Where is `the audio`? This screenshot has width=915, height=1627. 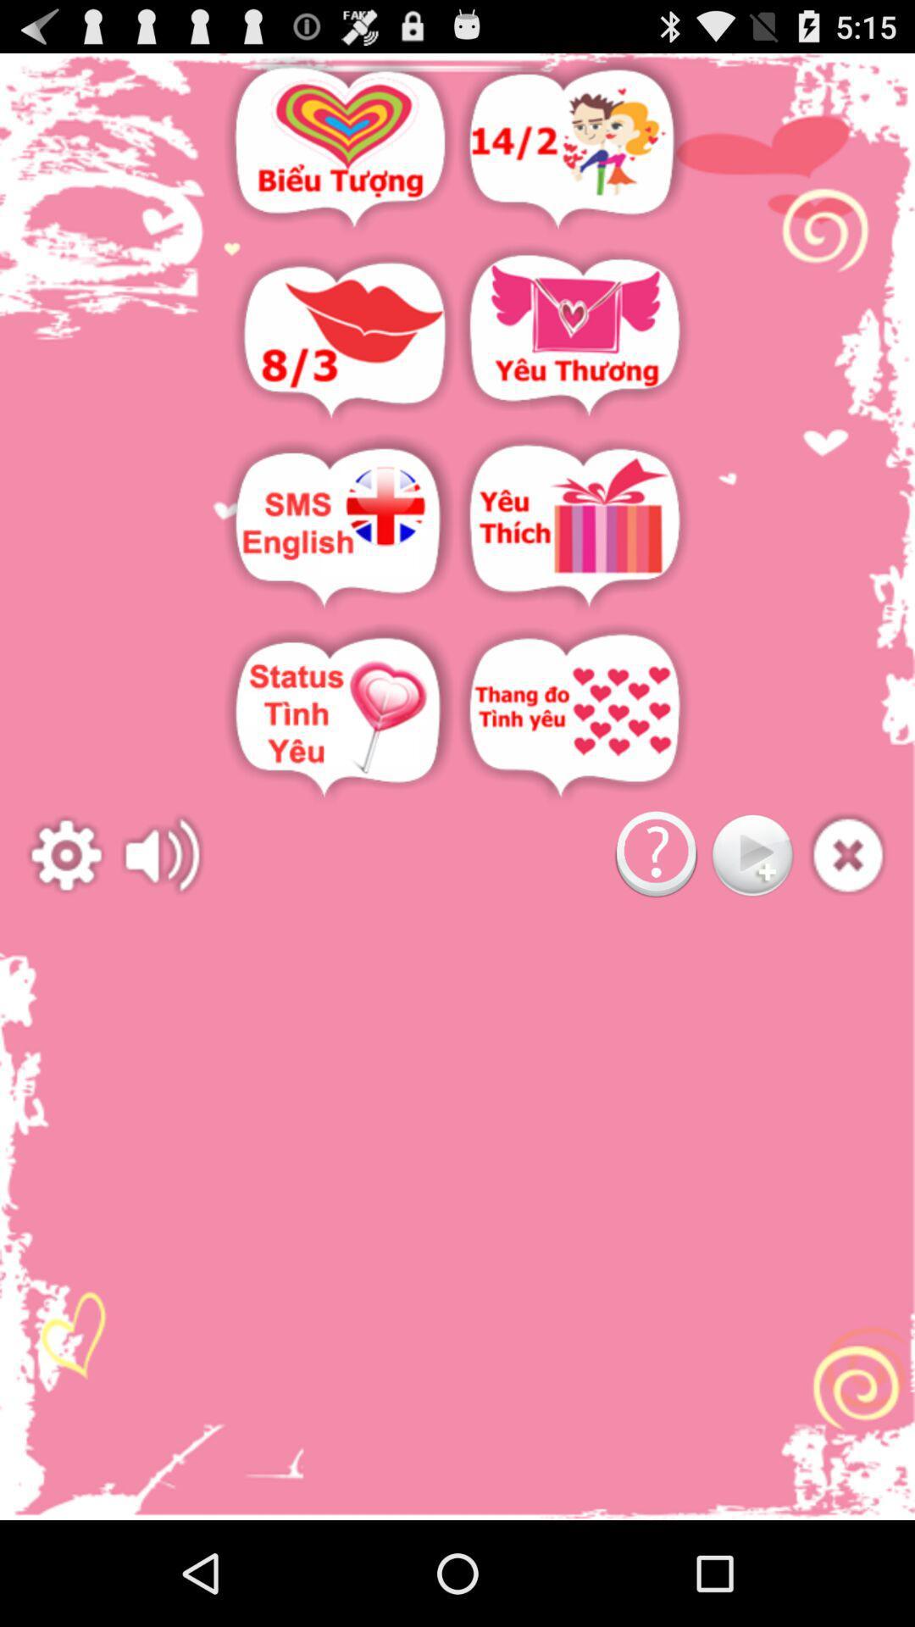 the audio is located at coordinates (848, 855).